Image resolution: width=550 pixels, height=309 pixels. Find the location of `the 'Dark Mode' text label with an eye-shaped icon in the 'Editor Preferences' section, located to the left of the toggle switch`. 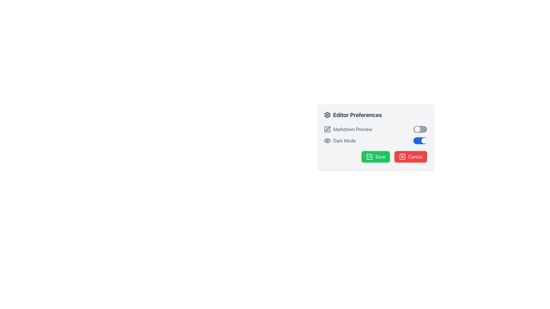

the 'Dark Mode' text label with an eye-shaped icon in the 'Editor Preferences' section, located to the left of the toggle switch is located at coordinates (340, 141).